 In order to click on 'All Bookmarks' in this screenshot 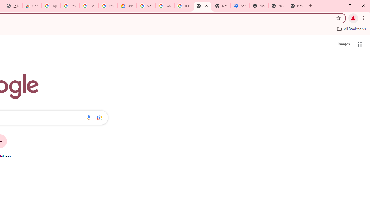, I will do `click(351, 29)`.